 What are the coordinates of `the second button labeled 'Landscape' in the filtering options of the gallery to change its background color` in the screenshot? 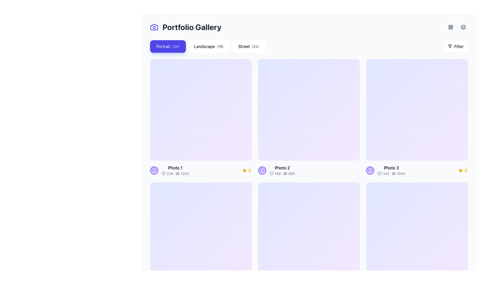 It's located at (208, 46).